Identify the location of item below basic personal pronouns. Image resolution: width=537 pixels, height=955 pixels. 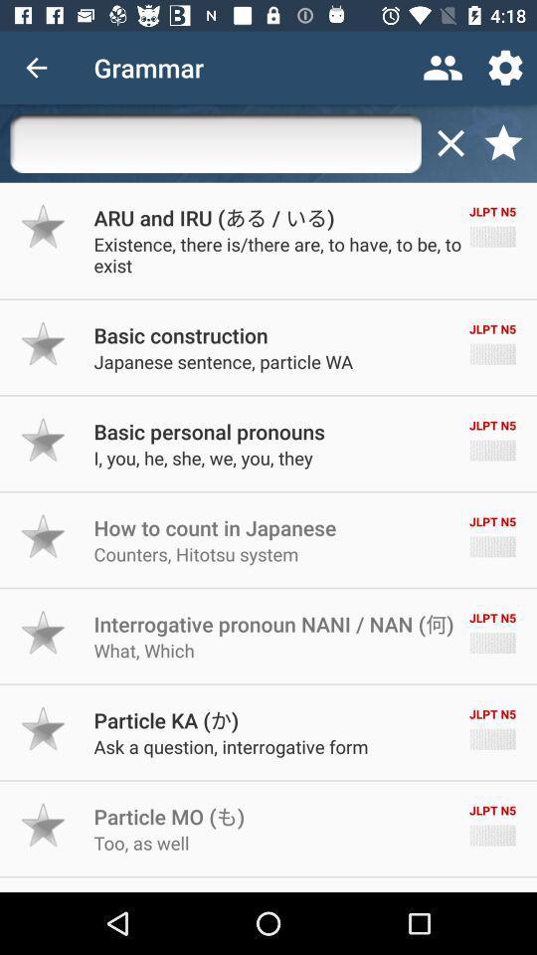
(202, 458).